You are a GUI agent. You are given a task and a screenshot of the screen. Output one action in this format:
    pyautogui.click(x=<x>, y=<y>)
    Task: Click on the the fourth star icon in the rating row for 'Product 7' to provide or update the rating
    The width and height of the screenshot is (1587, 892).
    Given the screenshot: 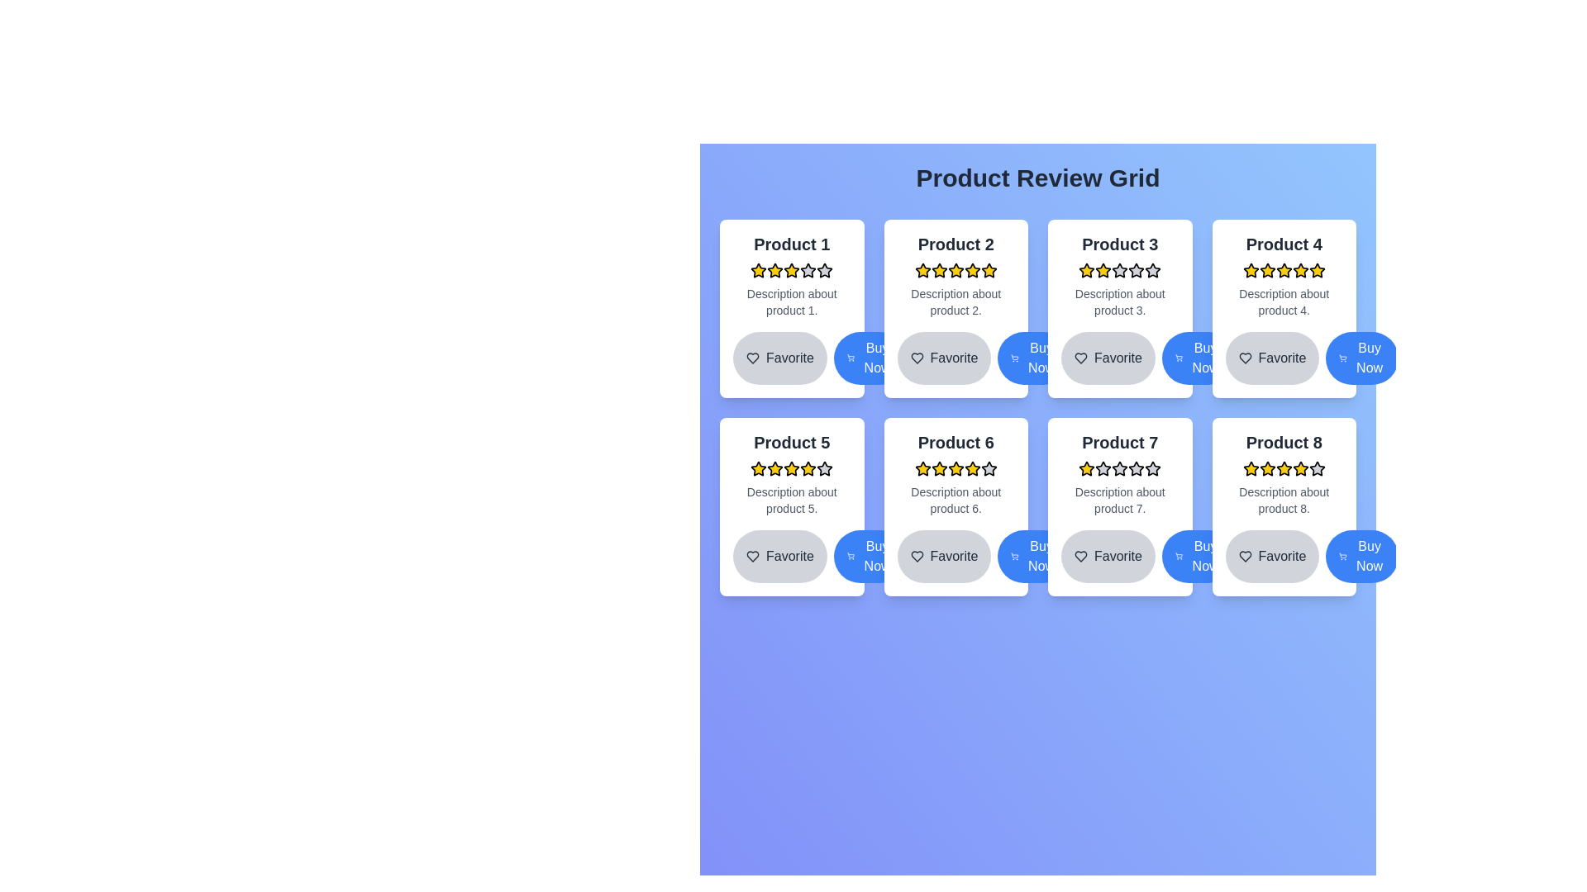 What is the action you would take?
    pyautogui.click(x=1119, y=468)
    